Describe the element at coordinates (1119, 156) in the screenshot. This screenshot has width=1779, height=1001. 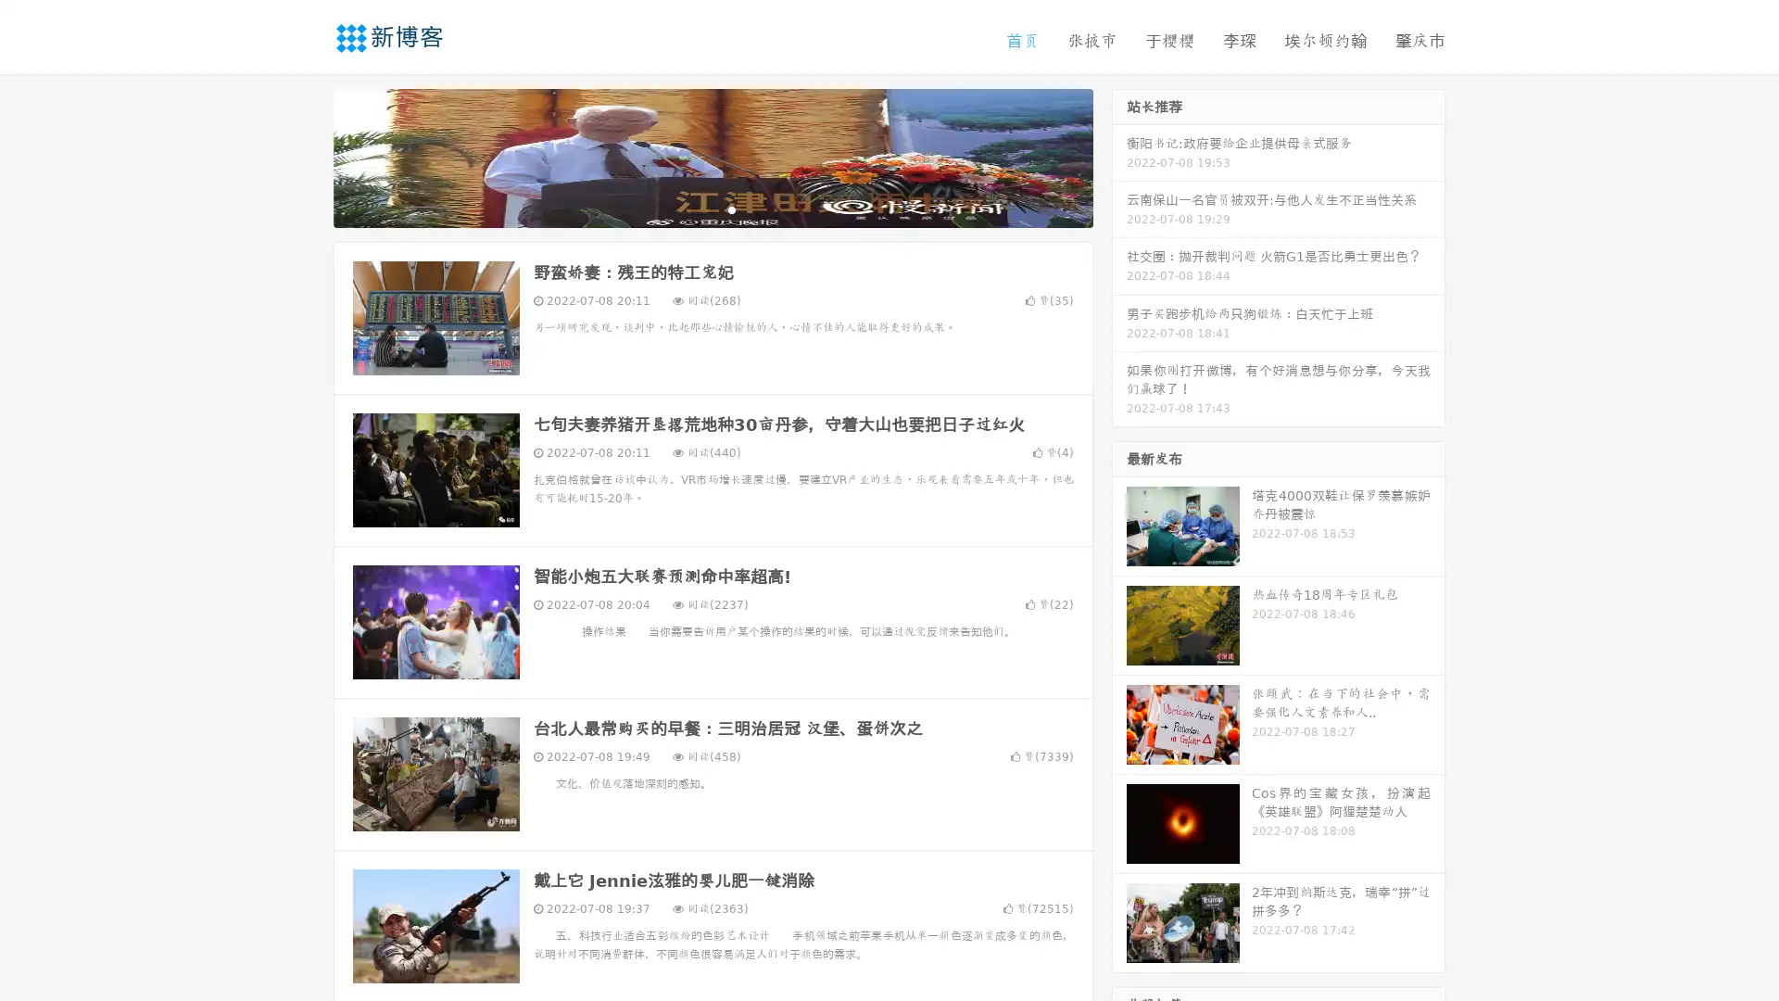
I see `Next slide` at that location.